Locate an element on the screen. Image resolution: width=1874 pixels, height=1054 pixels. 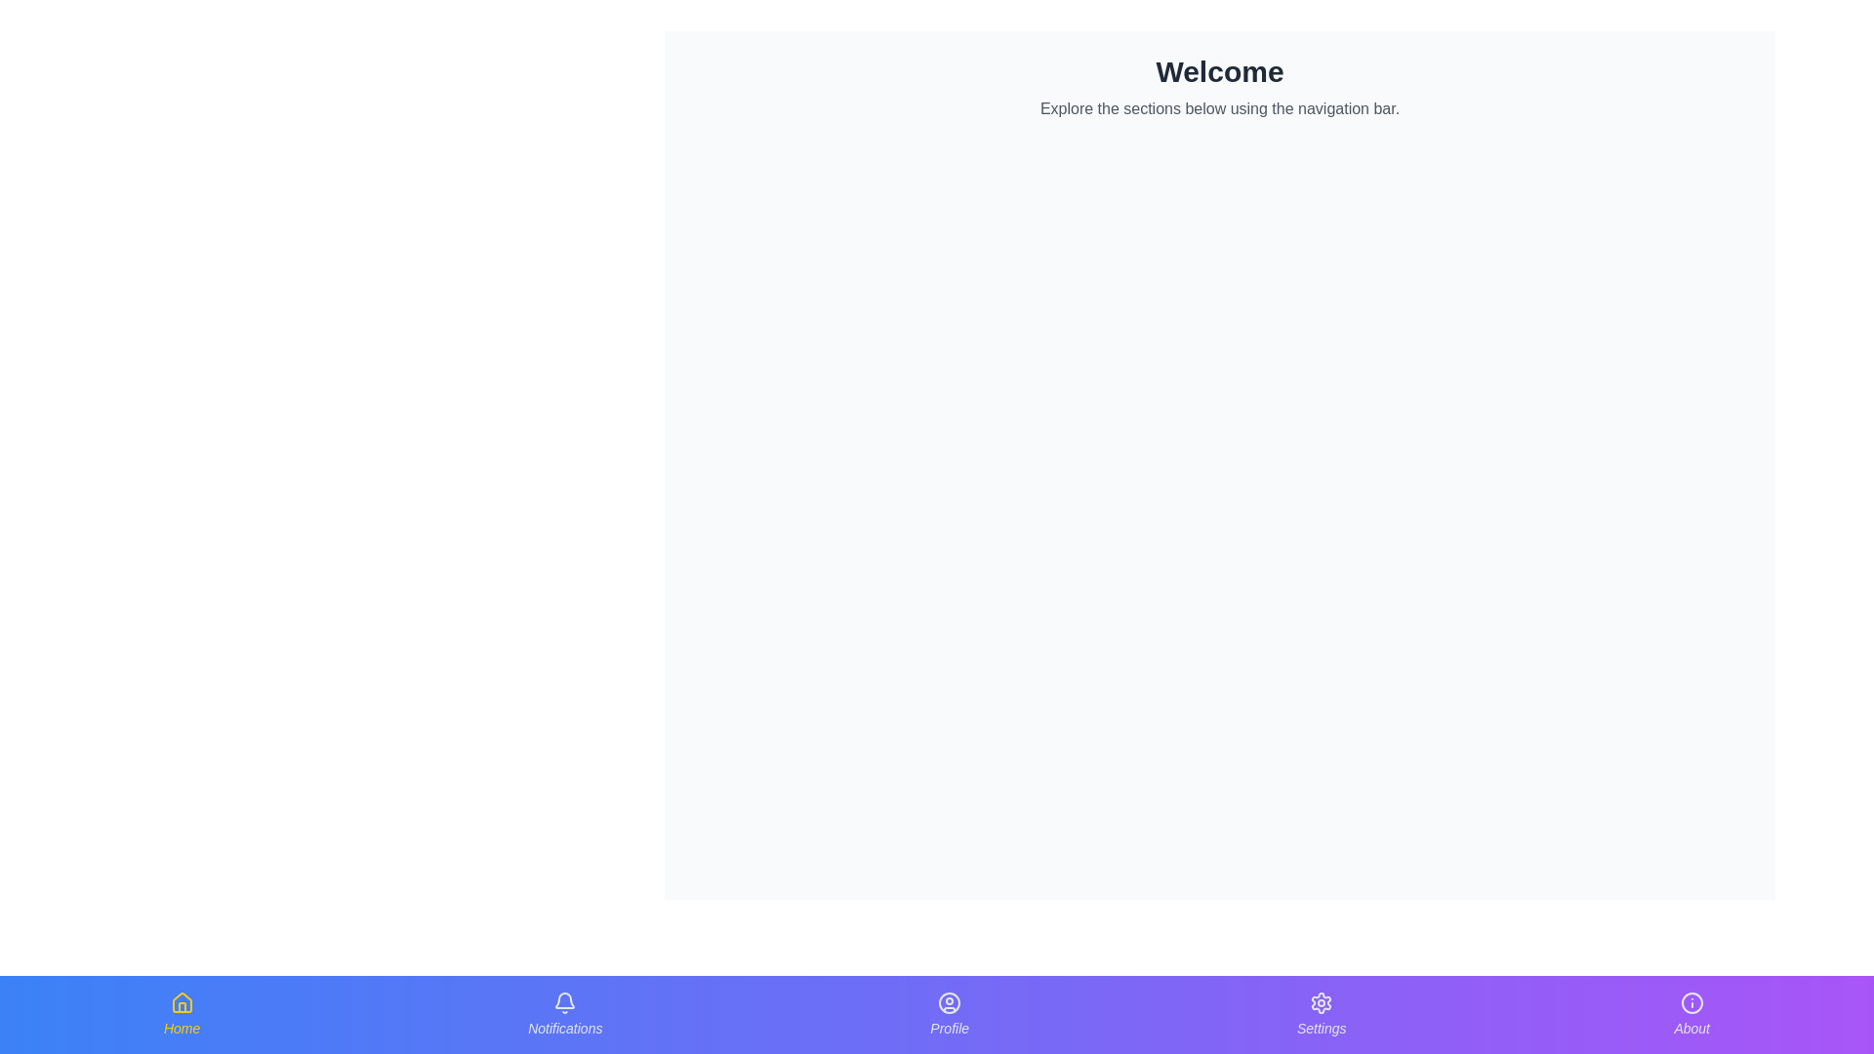
the 'Settings' text label located in the bottom navigation bar is located at coordinates (1322, 1027).